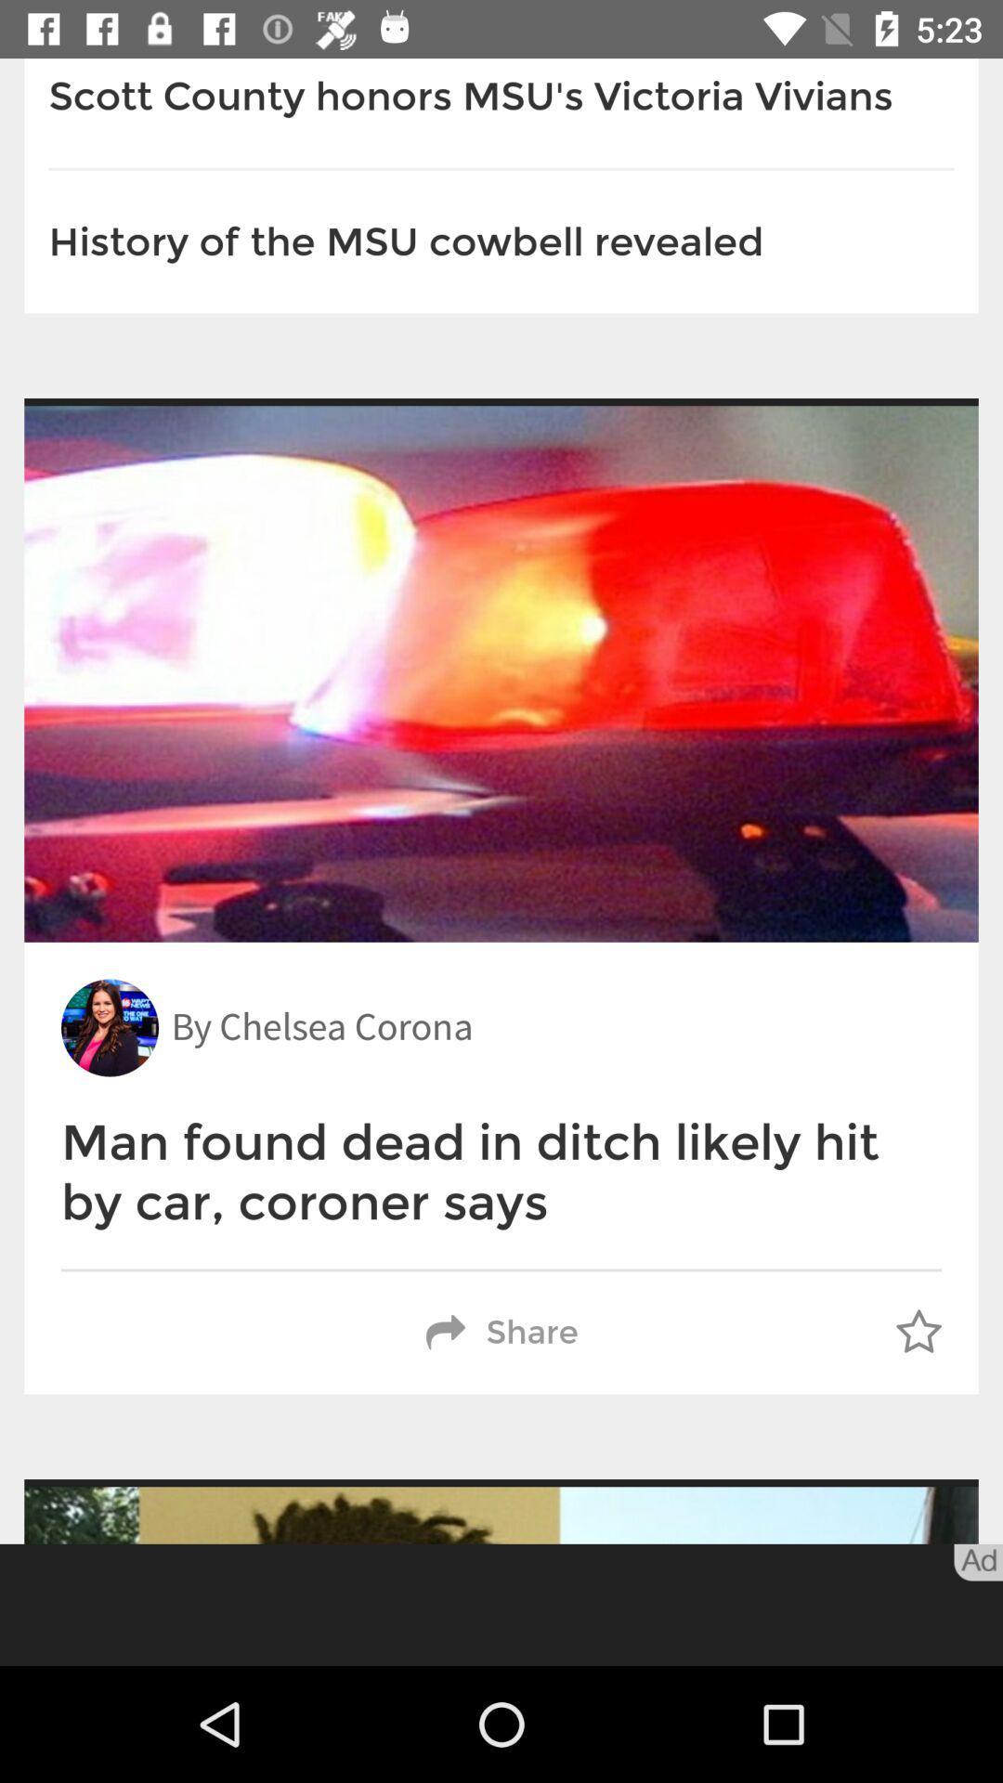 The image size is (1003, 1783). I want to click on the item next to share, so click(918, 1332).